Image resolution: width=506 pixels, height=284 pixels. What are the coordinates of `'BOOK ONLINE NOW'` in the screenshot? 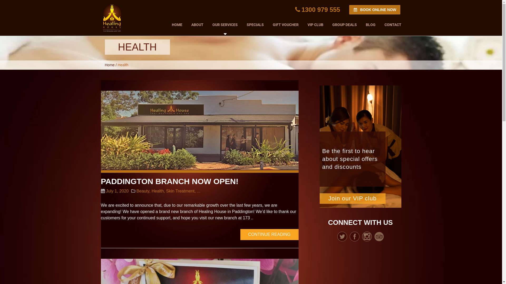 It's located at (374, 10).